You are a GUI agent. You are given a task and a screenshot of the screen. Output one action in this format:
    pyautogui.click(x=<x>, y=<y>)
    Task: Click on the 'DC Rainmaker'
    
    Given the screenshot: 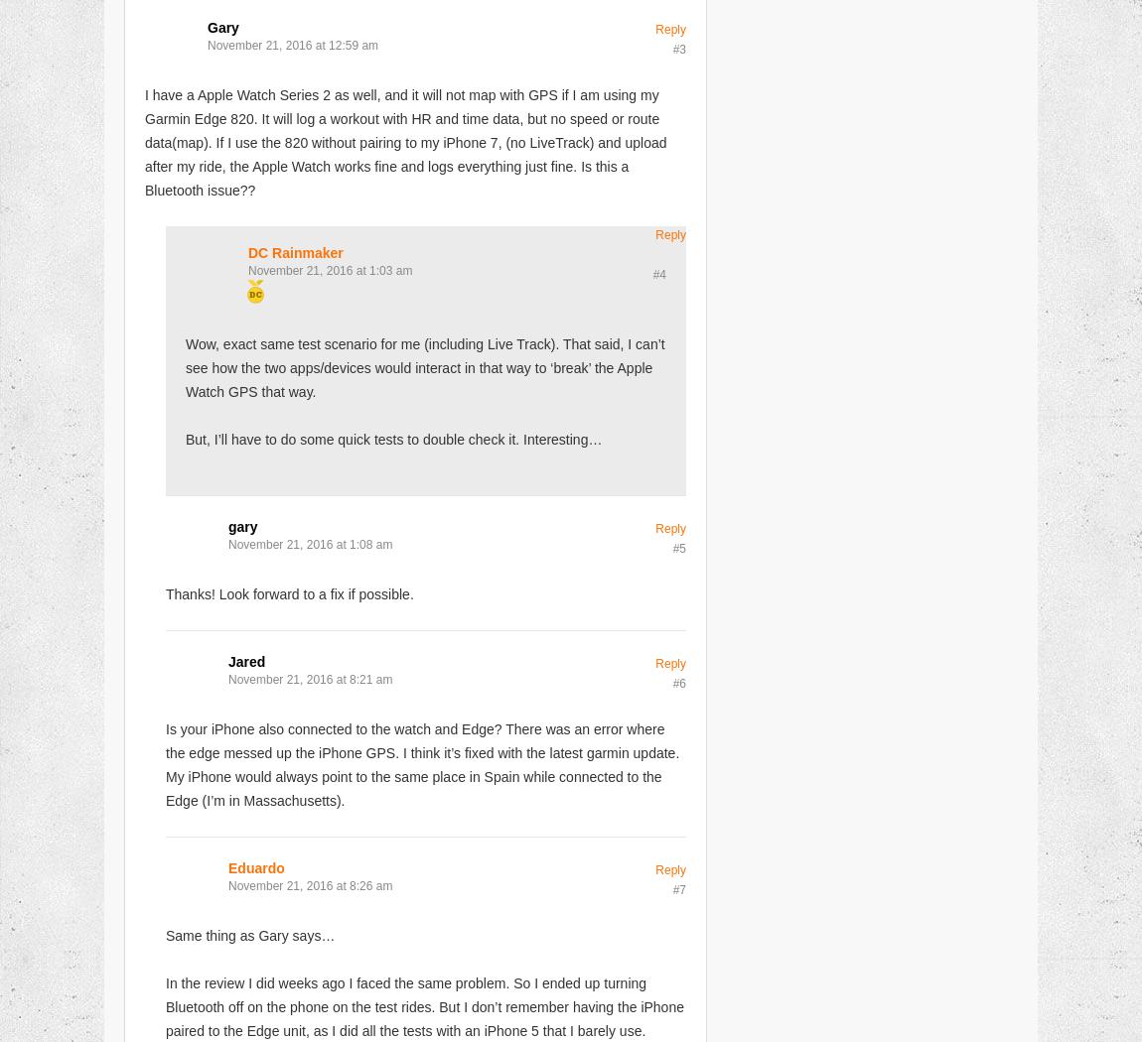 What is the action you would take?
    pyautogui.click(x=295, y=251)
    